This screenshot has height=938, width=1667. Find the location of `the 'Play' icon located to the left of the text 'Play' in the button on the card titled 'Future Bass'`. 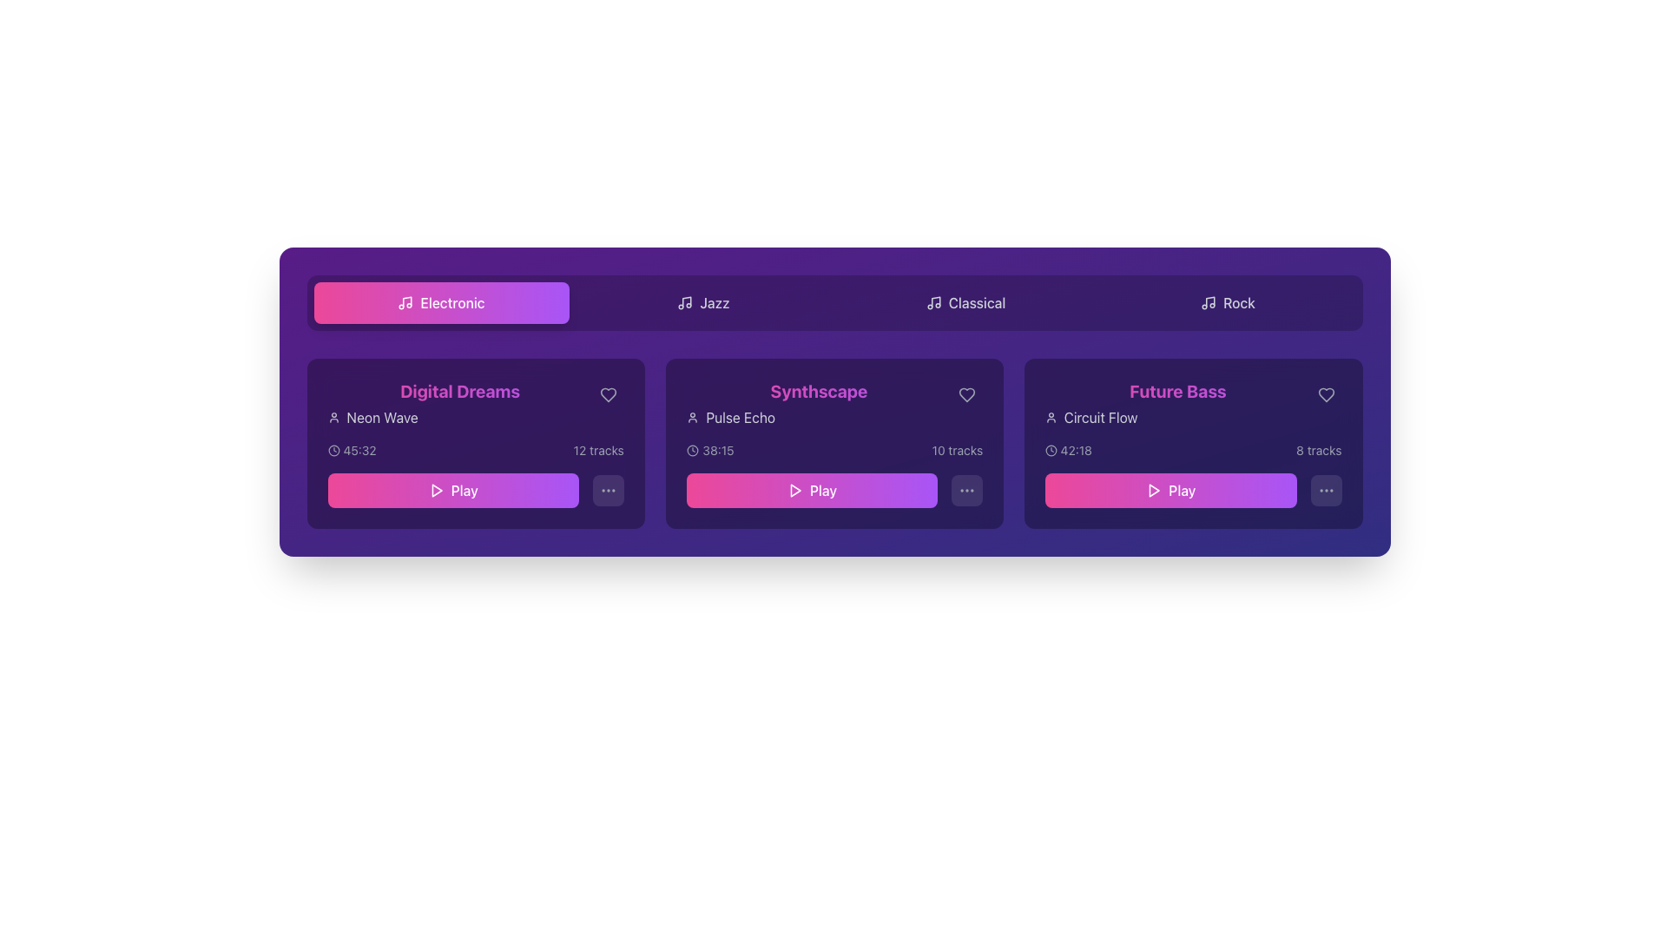

the 'Play' icon located to the left of the text 'Play' in the button on the card titled 'Future Bass' is located at coordinates (1154, 490).